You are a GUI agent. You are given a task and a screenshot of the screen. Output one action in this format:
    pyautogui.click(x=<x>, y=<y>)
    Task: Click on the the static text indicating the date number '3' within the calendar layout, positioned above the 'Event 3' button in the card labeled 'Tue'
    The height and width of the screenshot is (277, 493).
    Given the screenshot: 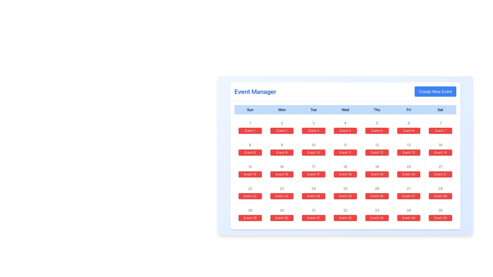 What is the action you would take?
    pyautogui.click(x=313, y=123)
    